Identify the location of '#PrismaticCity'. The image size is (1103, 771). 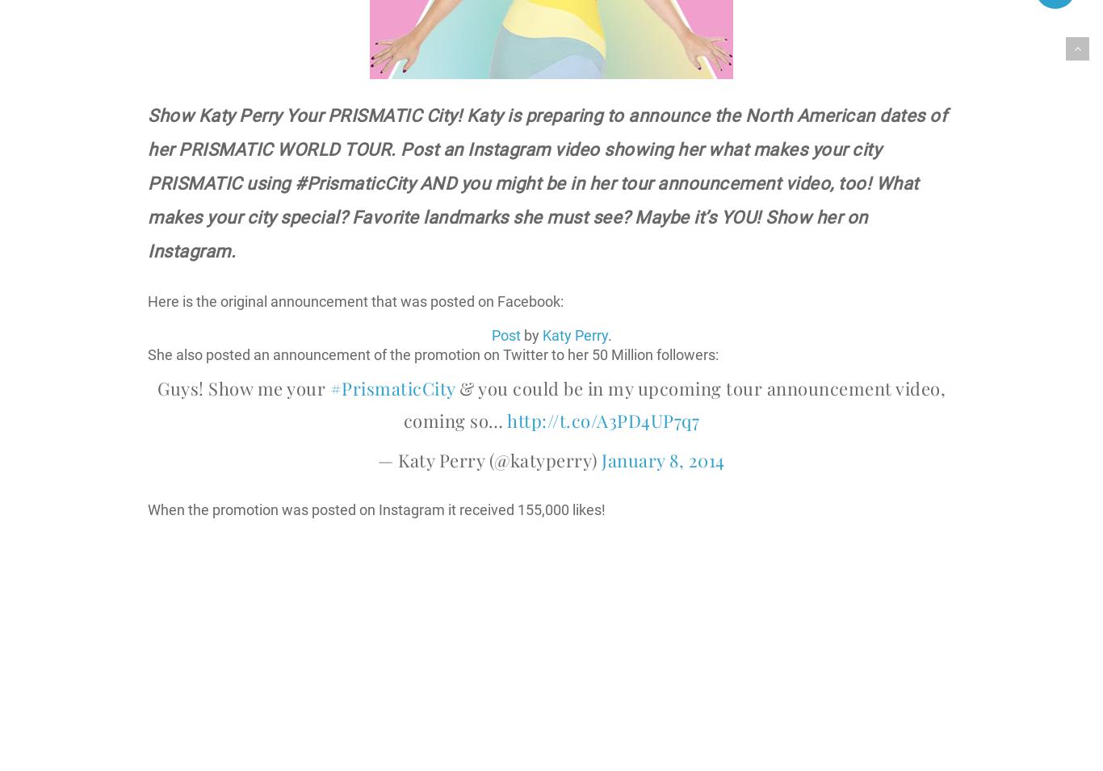
(392, 388).